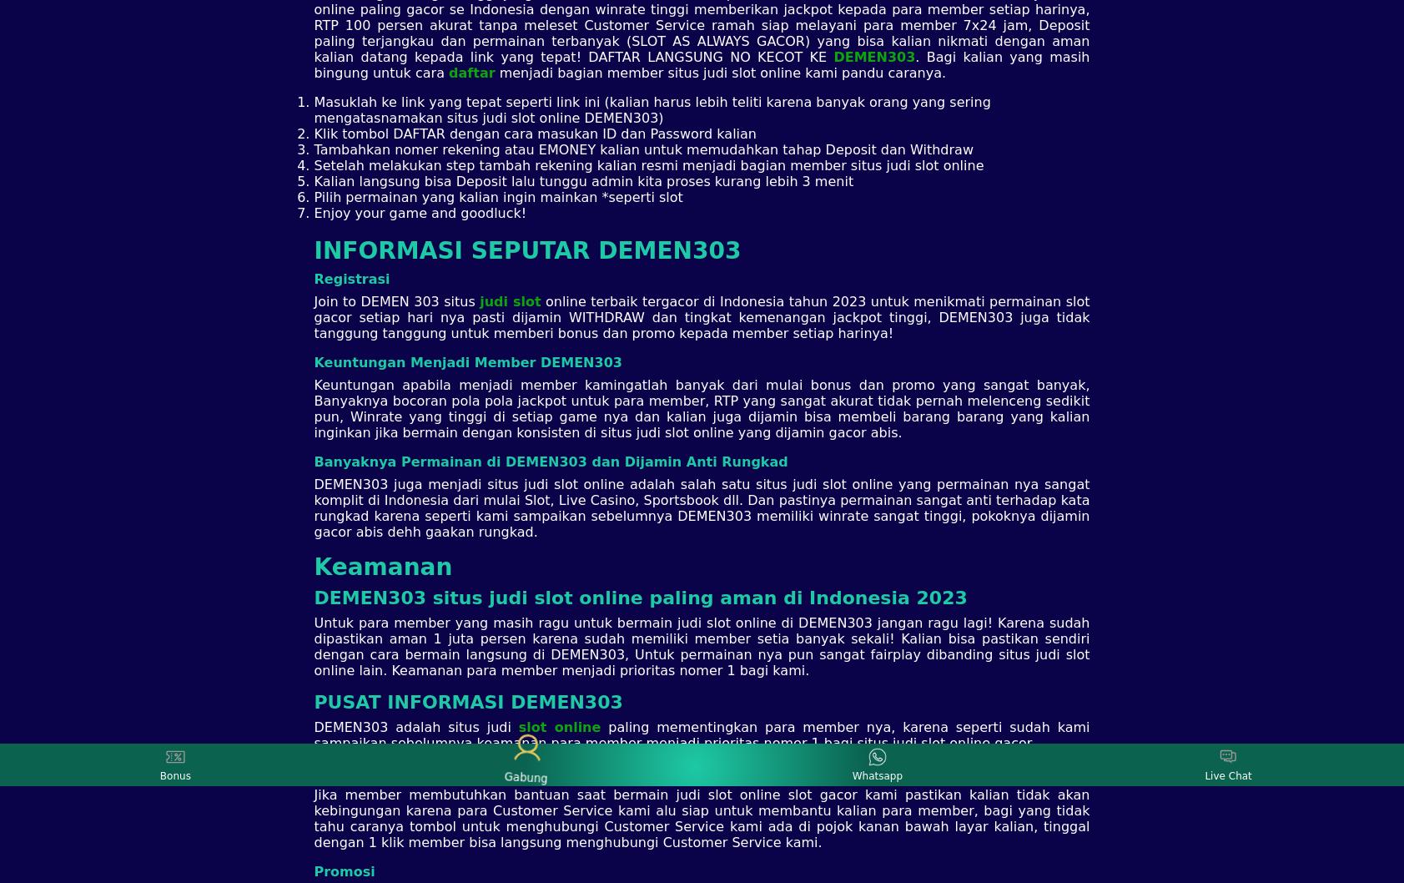 This screenshot has height=883, width=1404. I want to click on 'Keuntungan apabila menjadi member kamingatlah banyak dari mulai bonus dan promo yang sangat banyak, Banyaknya bocoran pola pola jackpot untuk para member, RTP yang sangat akurat tidak pernah melenceng sedikit pun, Winrate yang tinggi di setiap game nya dan kalian juga dijamin bisa membeli barang barang yang kalian inginkan jika bermain dengan konsisten di situs judi slot online yang dijamin gacor abis.', so click(700, 407).